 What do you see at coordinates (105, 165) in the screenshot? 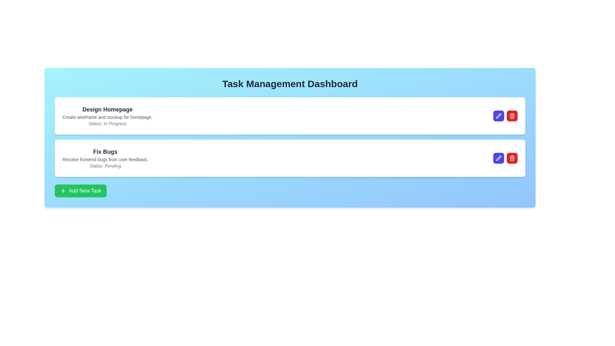
I see `the static text element that indicates the current status of the task 'Fix Bugs', which displays 'Status: Pending'` at bounding box center [105, 165].